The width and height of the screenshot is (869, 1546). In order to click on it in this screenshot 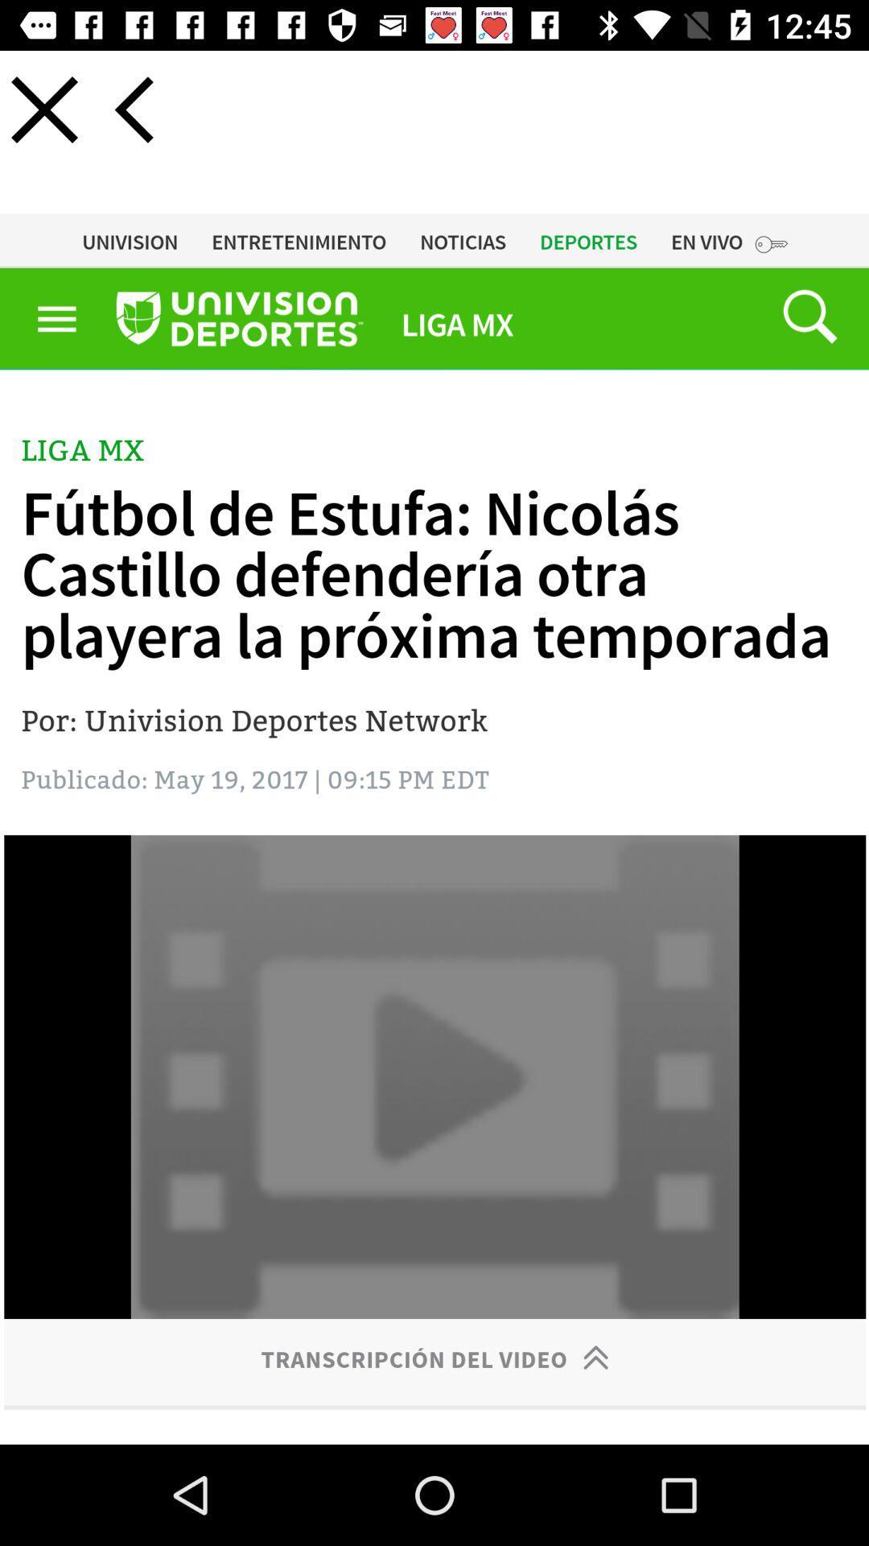, I will do `click(43, 109)`.